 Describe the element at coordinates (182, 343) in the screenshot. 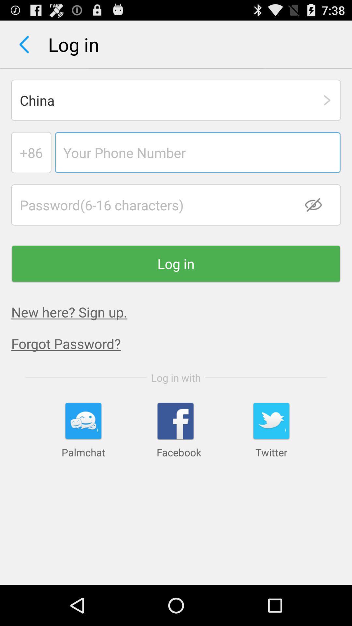

I see `forgot password? icon` at that location.